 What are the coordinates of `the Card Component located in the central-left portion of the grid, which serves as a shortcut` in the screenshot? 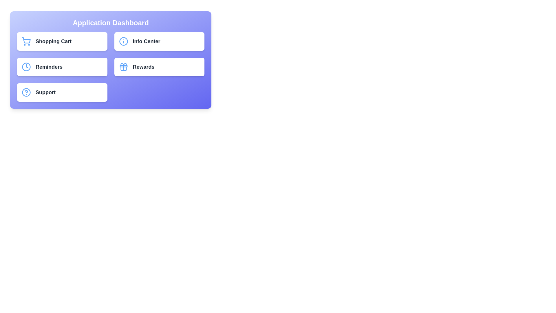 It's located at (62, 67).